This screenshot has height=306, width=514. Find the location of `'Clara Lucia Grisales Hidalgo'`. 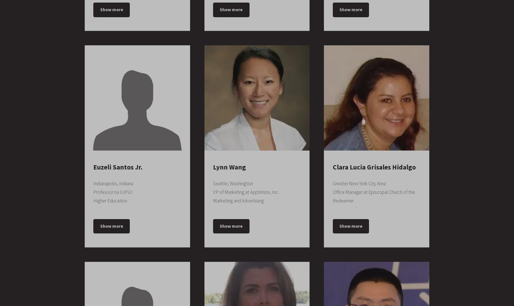

'Clara Lucia Grisales Hidalgo' is located at coordinates (374, 167).